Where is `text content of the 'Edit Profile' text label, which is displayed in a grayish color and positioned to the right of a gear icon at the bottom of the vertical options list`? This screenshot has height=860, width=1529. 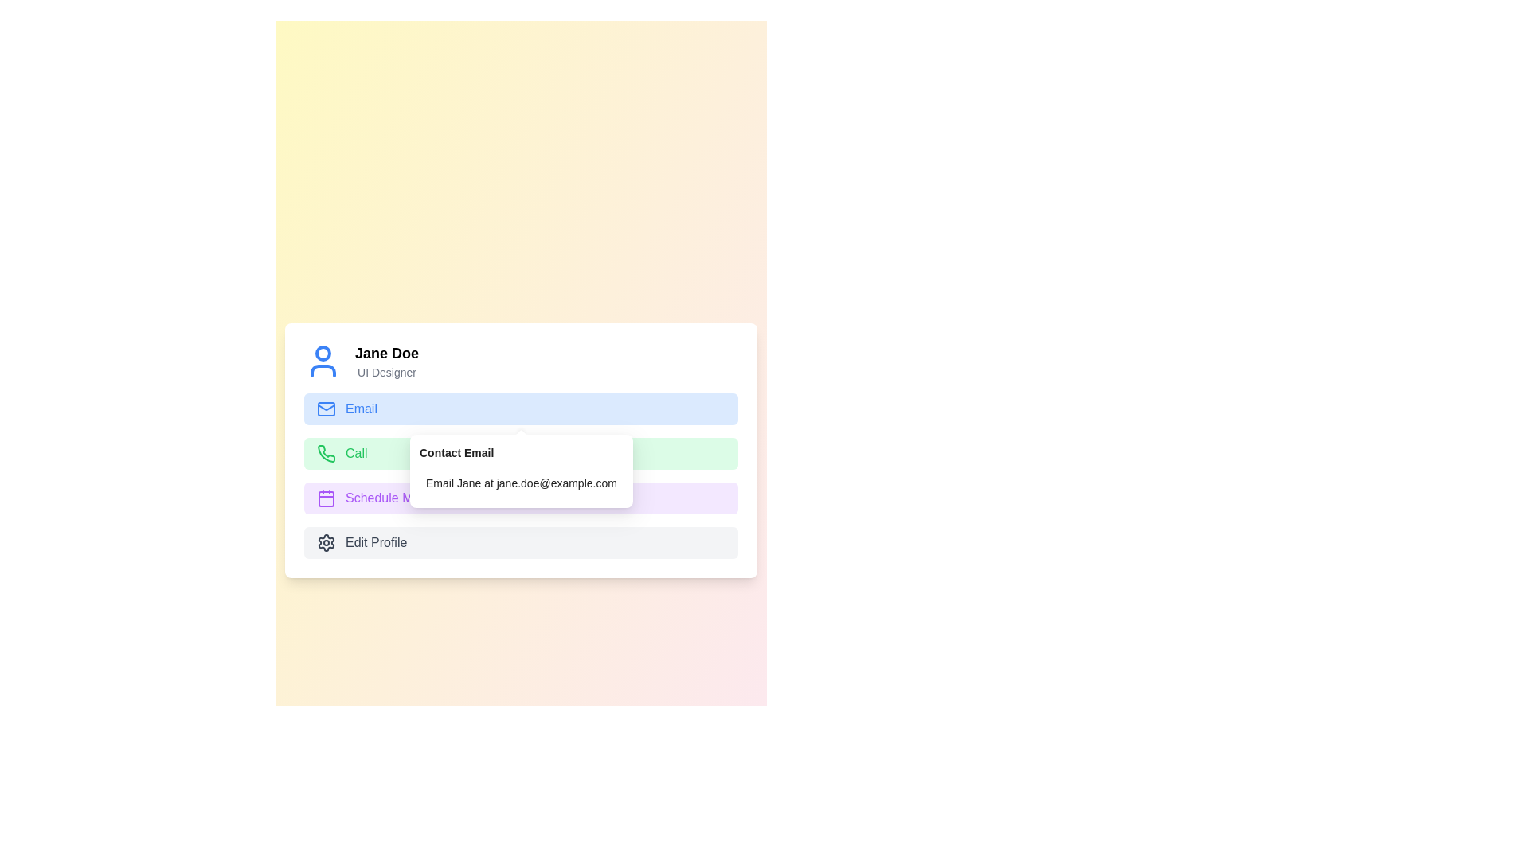
text content of the 'Edit Profile' text label, which is displayed in a grayish color and positioned to the right of a gear icon at the bottom of the vertical options list is located at coordinates (375, 542).